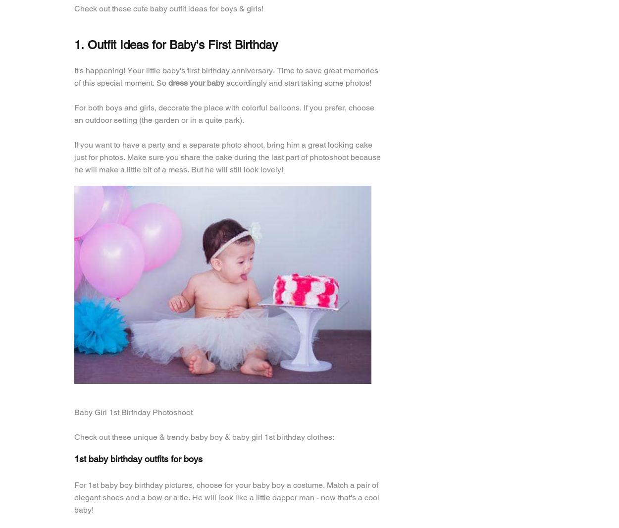 The image size is (619, 528). Describe the element at coordinates (74, 458) in the screenshot. I see `'1st baby birthday outfits for boys'` at that location.